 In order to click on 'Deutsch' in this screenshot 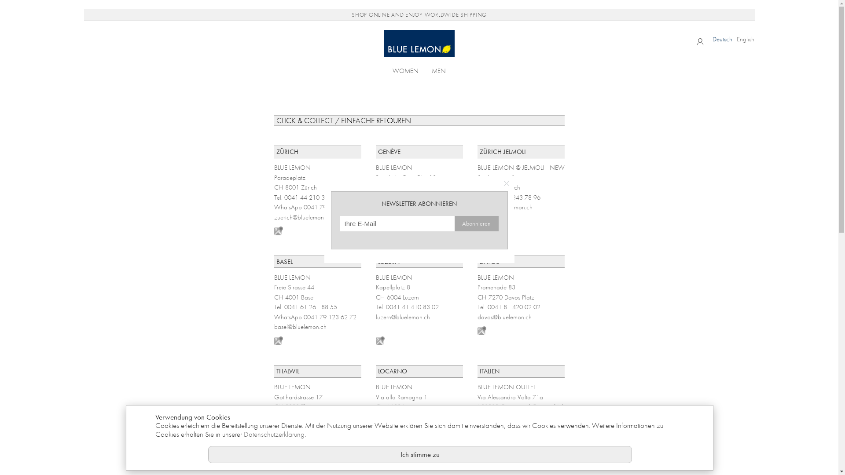, I will do `click(722, 39)`.